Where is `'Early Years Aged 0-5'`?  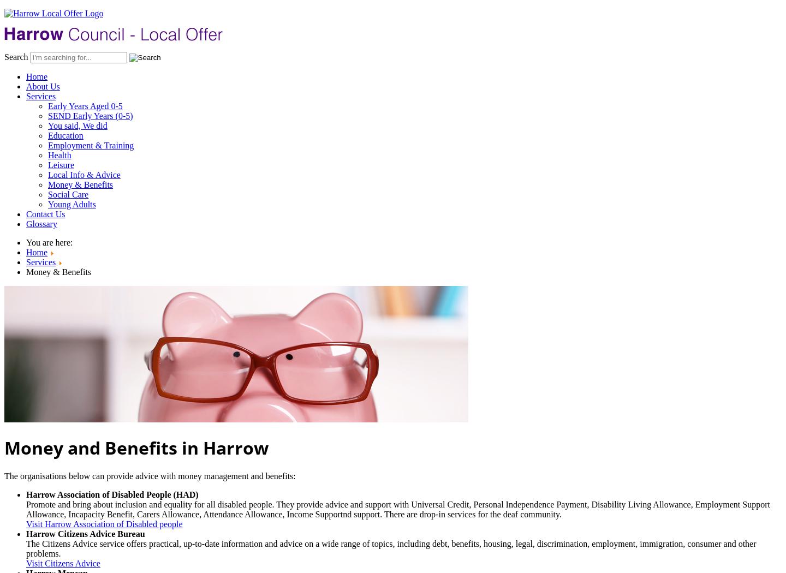
'Early Years Aged 0-5' is located at coordinates (47, 105).